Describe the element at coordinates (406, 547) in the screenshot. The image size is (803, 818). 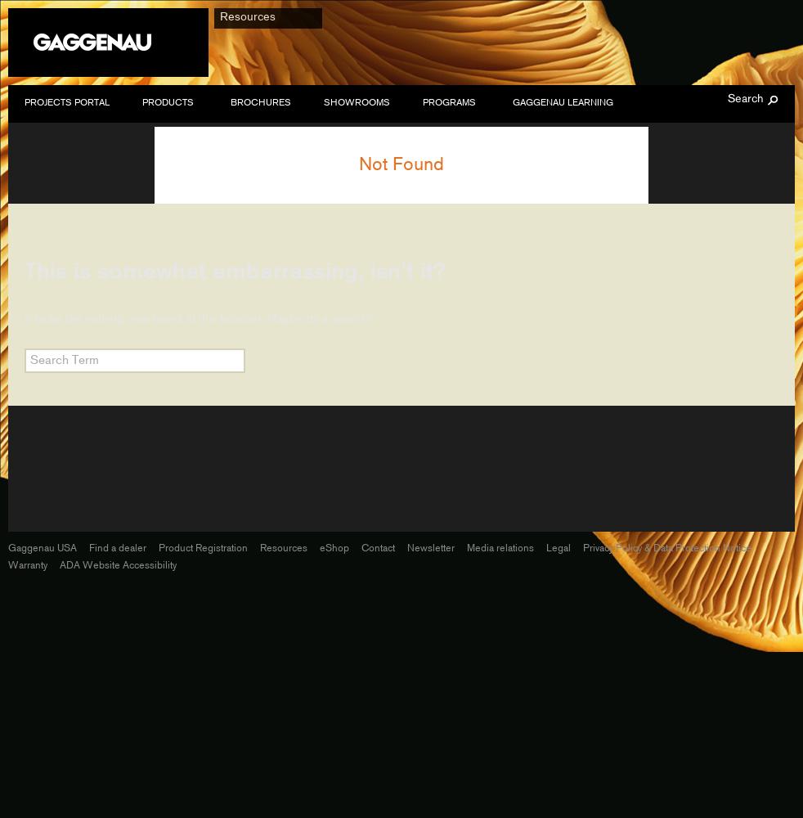
I see `'Newsletter'` at that location.